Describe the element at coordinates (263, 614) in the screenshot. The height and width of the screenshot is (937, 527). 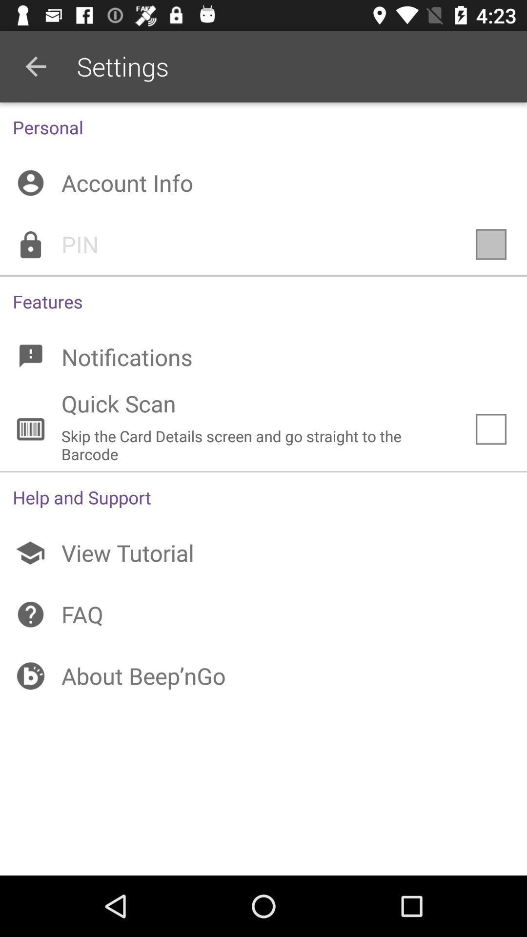
I see `faq icon` at that location.